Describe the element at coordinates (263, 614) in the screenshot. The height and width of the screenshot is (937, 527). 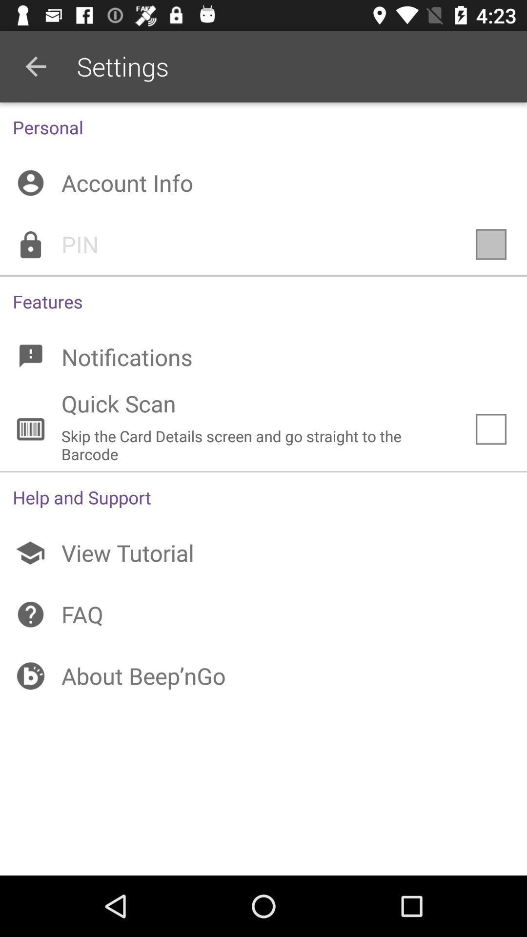
I see `faq icon` at that location.